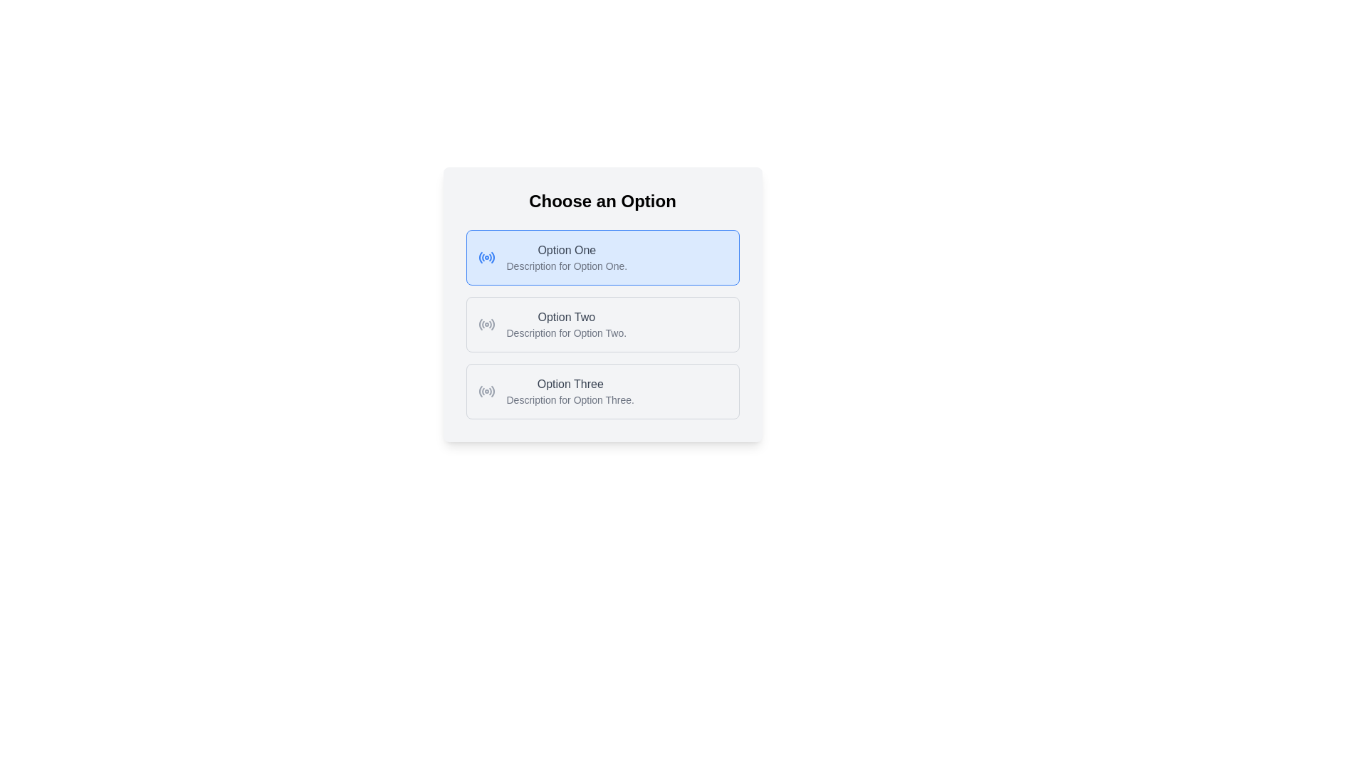 This screenshot has width=1367, height=769. I want to click on the static text providing additional information about 'Option One', located beneath the title and centered horizontally, so click(566, 266).